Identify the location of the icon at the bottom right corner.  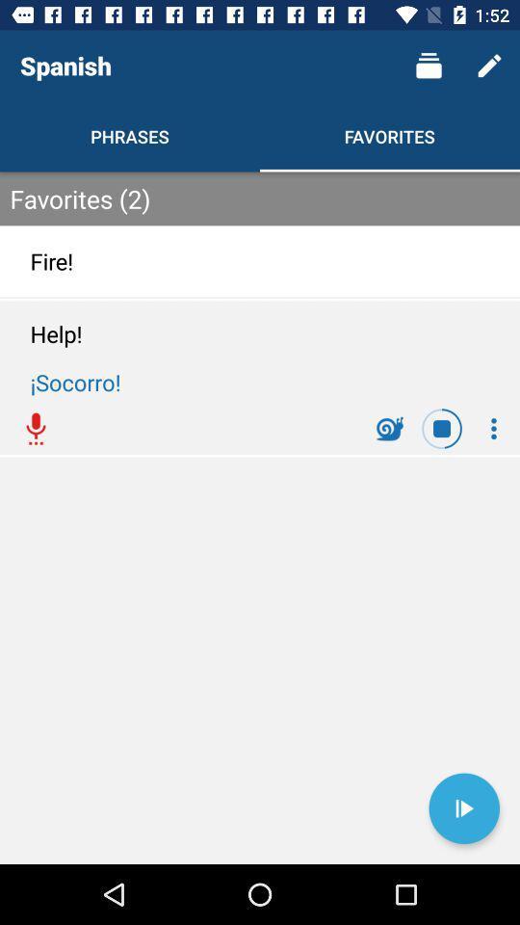
(463, 808).